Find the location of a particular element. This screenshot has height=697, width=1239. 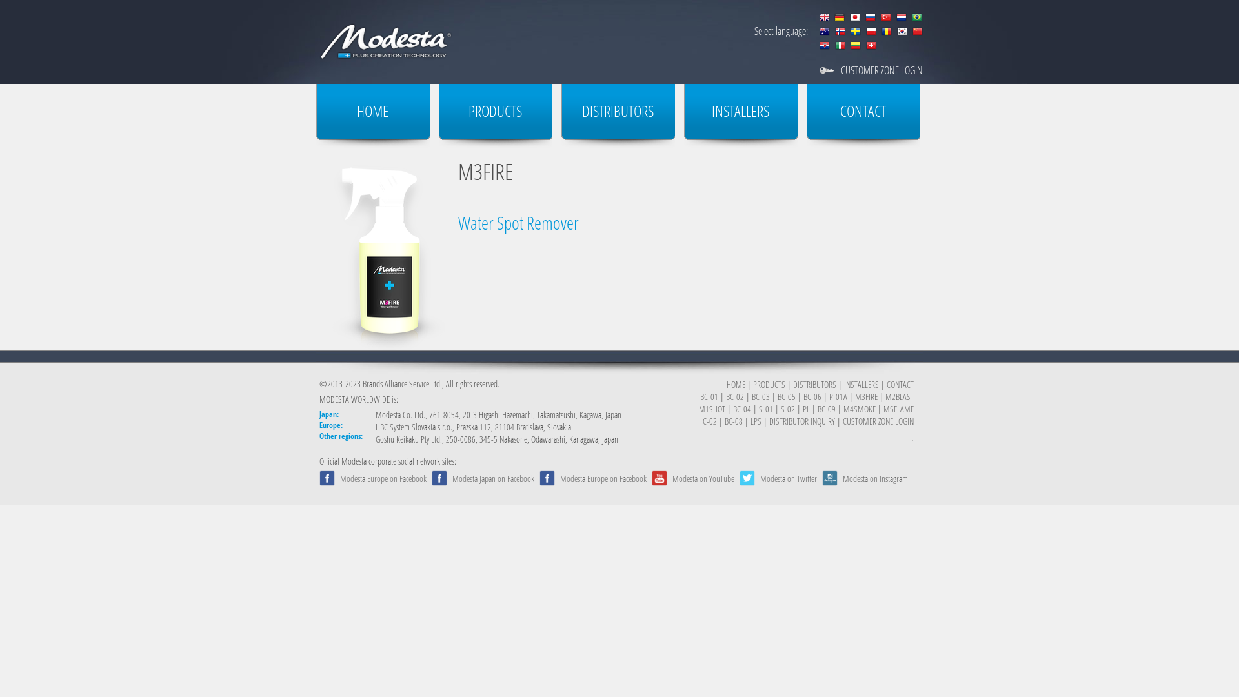

'Modesta Japan on Facebook' is located at coordinates (492, 478).